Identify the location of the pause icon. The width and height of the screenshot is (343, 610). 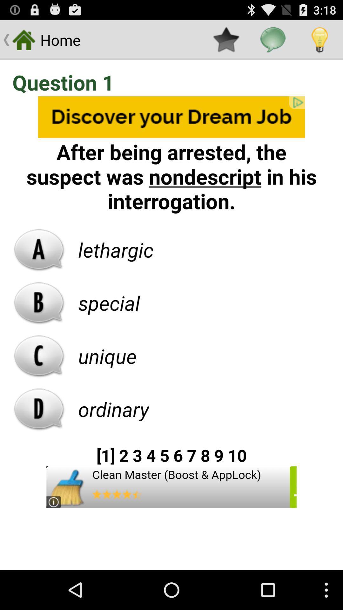
(39, 437).